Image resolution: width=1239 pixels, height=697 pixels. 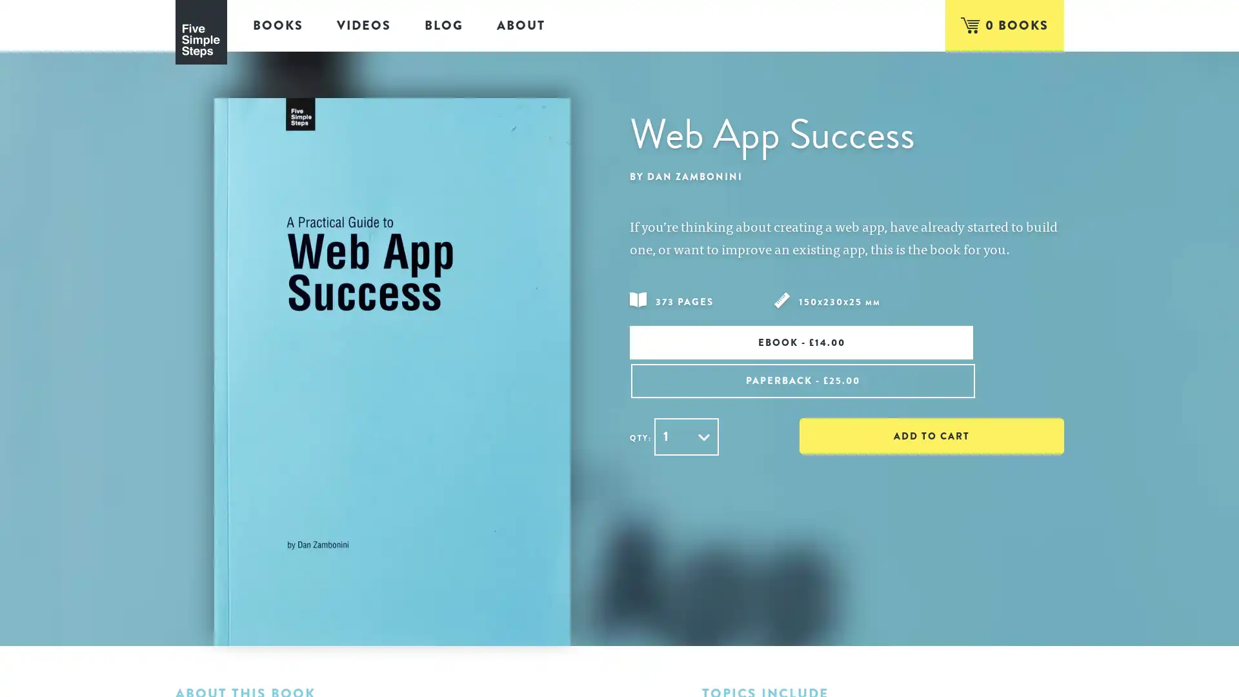 What do you see at coordinates (957, 341) in the screenshot?
I see `PAPERBACK - 25.00` at bounding box center [957, 341].